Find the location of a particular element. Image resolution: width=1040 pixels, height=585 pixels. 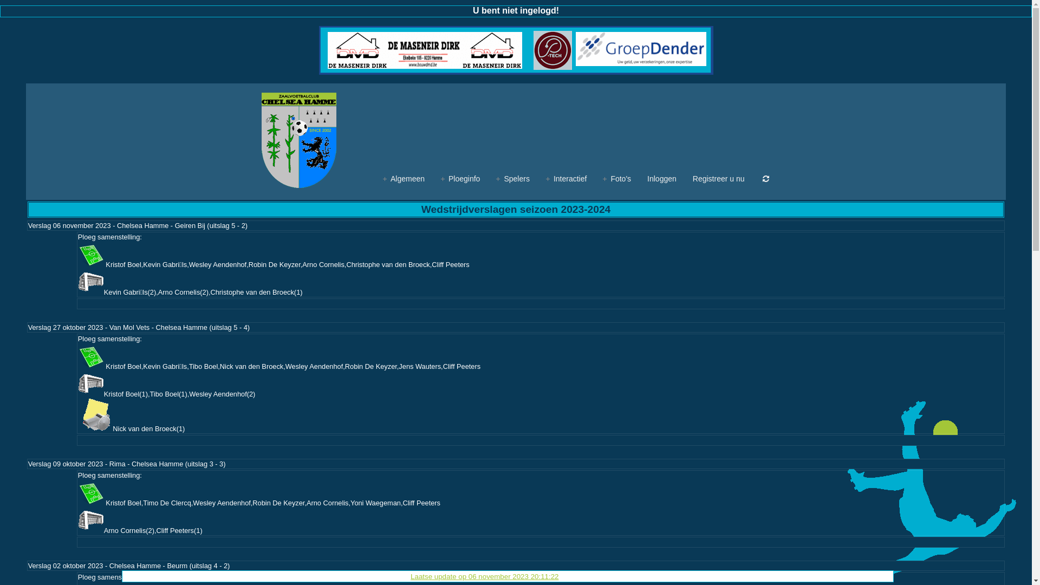

'Inloggen' is located at coordinates (661, 178).